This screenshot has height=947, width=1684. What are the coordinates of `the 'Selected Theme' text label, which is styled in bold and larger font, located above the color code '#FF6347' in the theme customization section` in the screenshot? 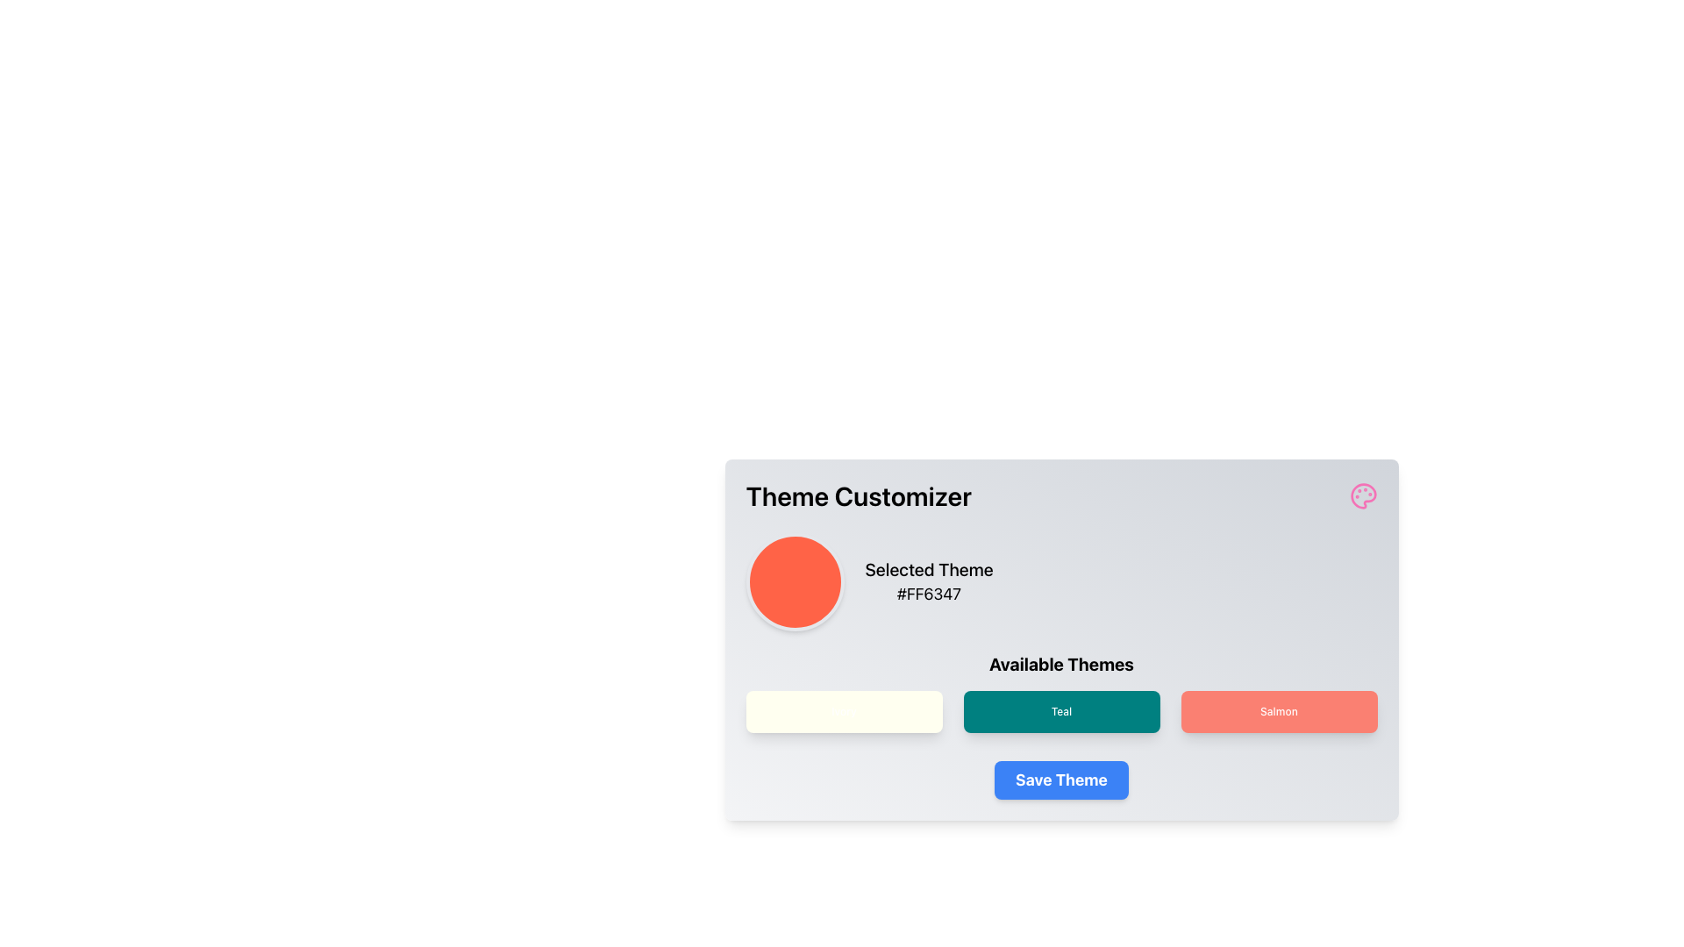 It's located at (928, 570).